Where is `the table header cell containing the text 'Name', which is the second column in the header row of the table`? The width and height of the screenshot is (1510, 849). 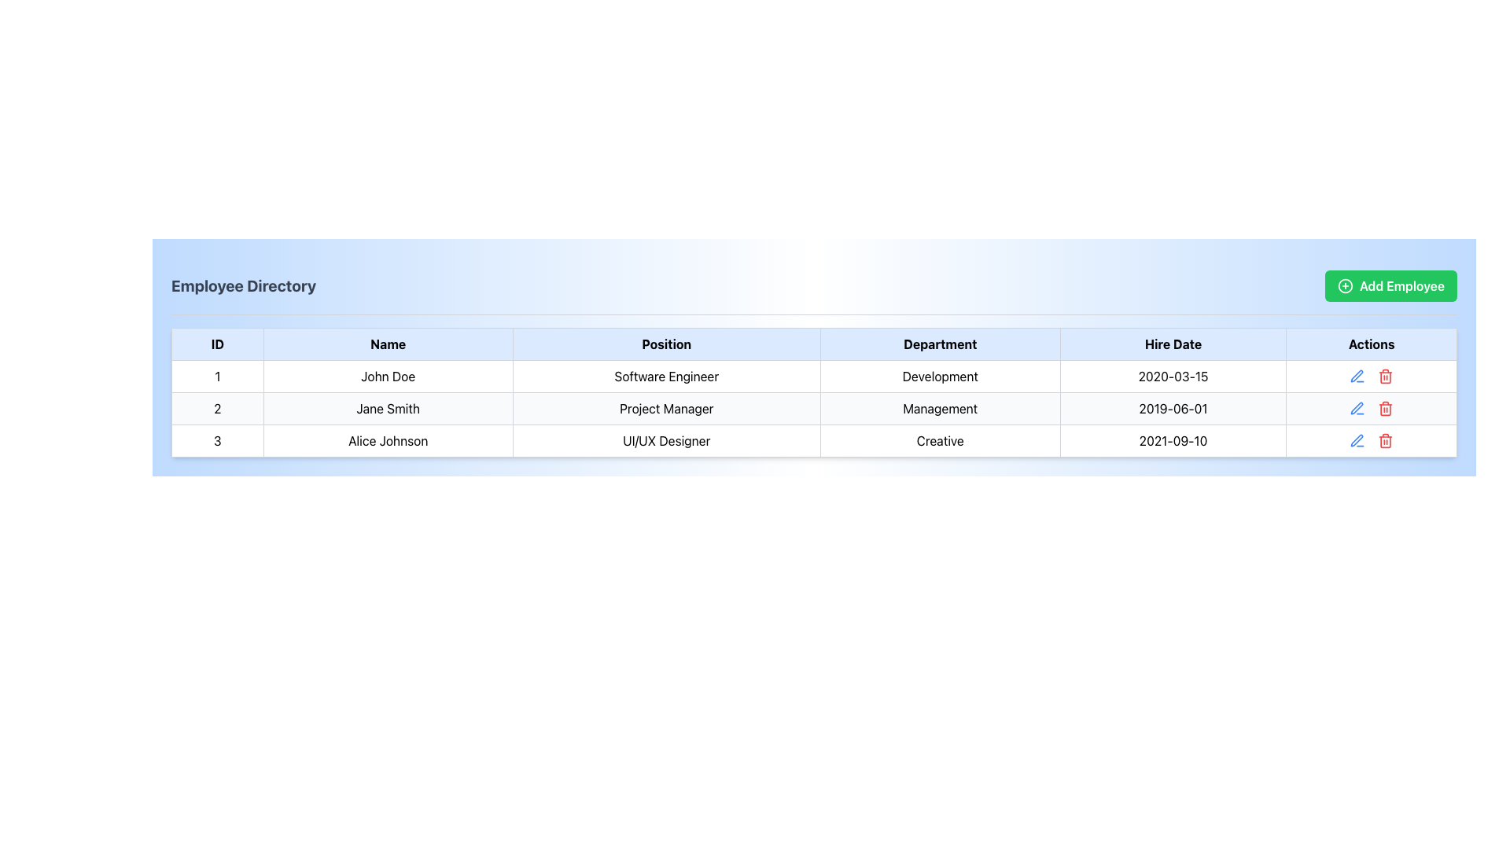 the table header cell containing the text 'Name', which is the second column in the header row of the table is located at coordinates (388, 344).